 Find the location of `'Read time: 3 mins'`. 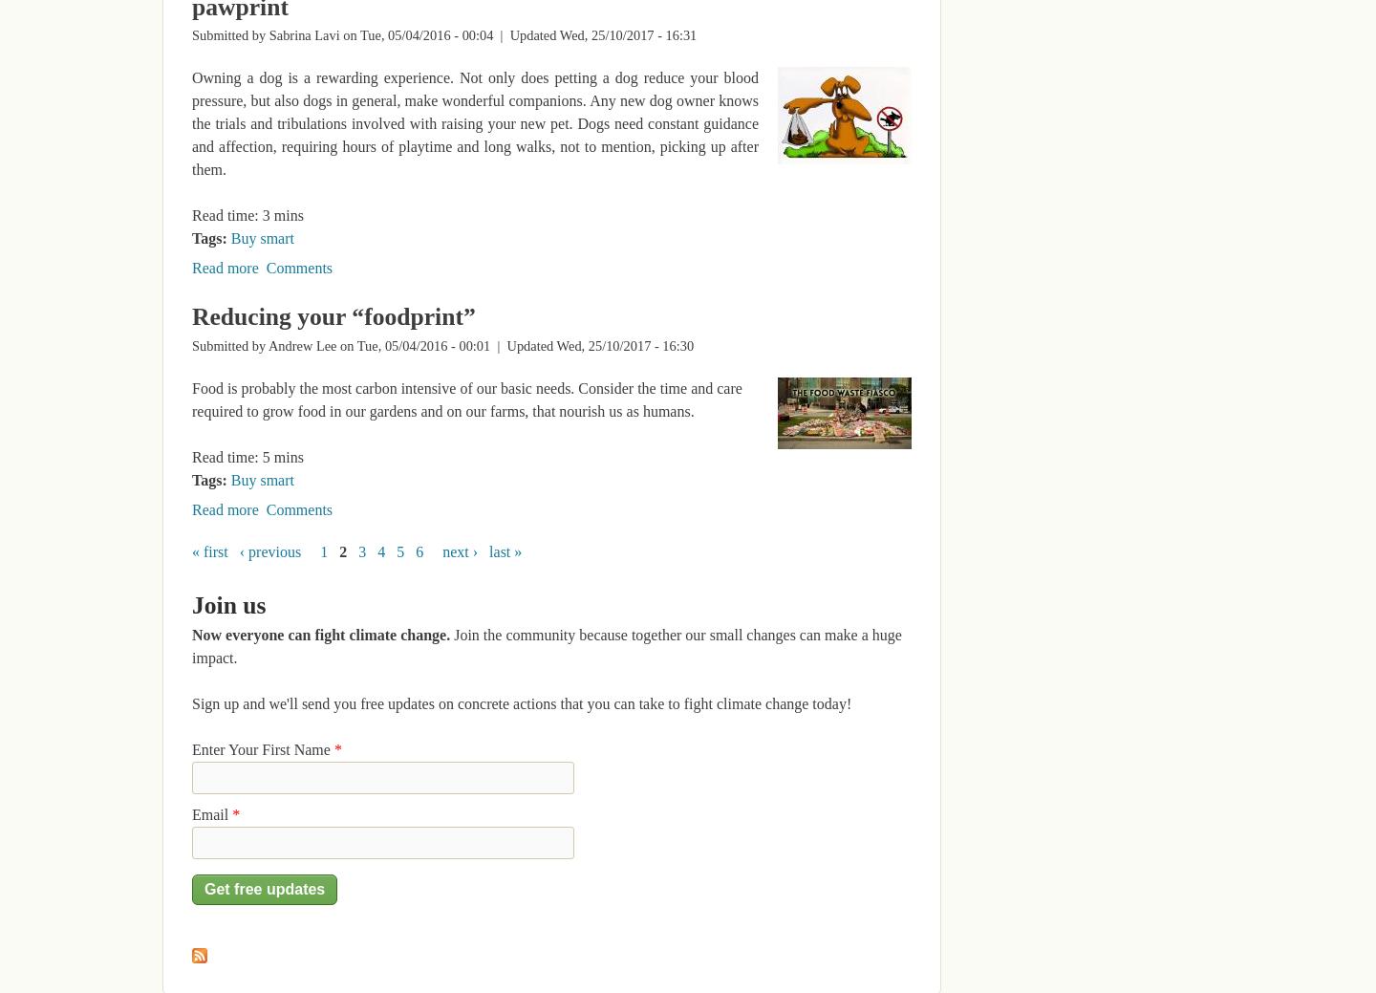

'Read time: 3 mins' is located at coordinates (247, 215).